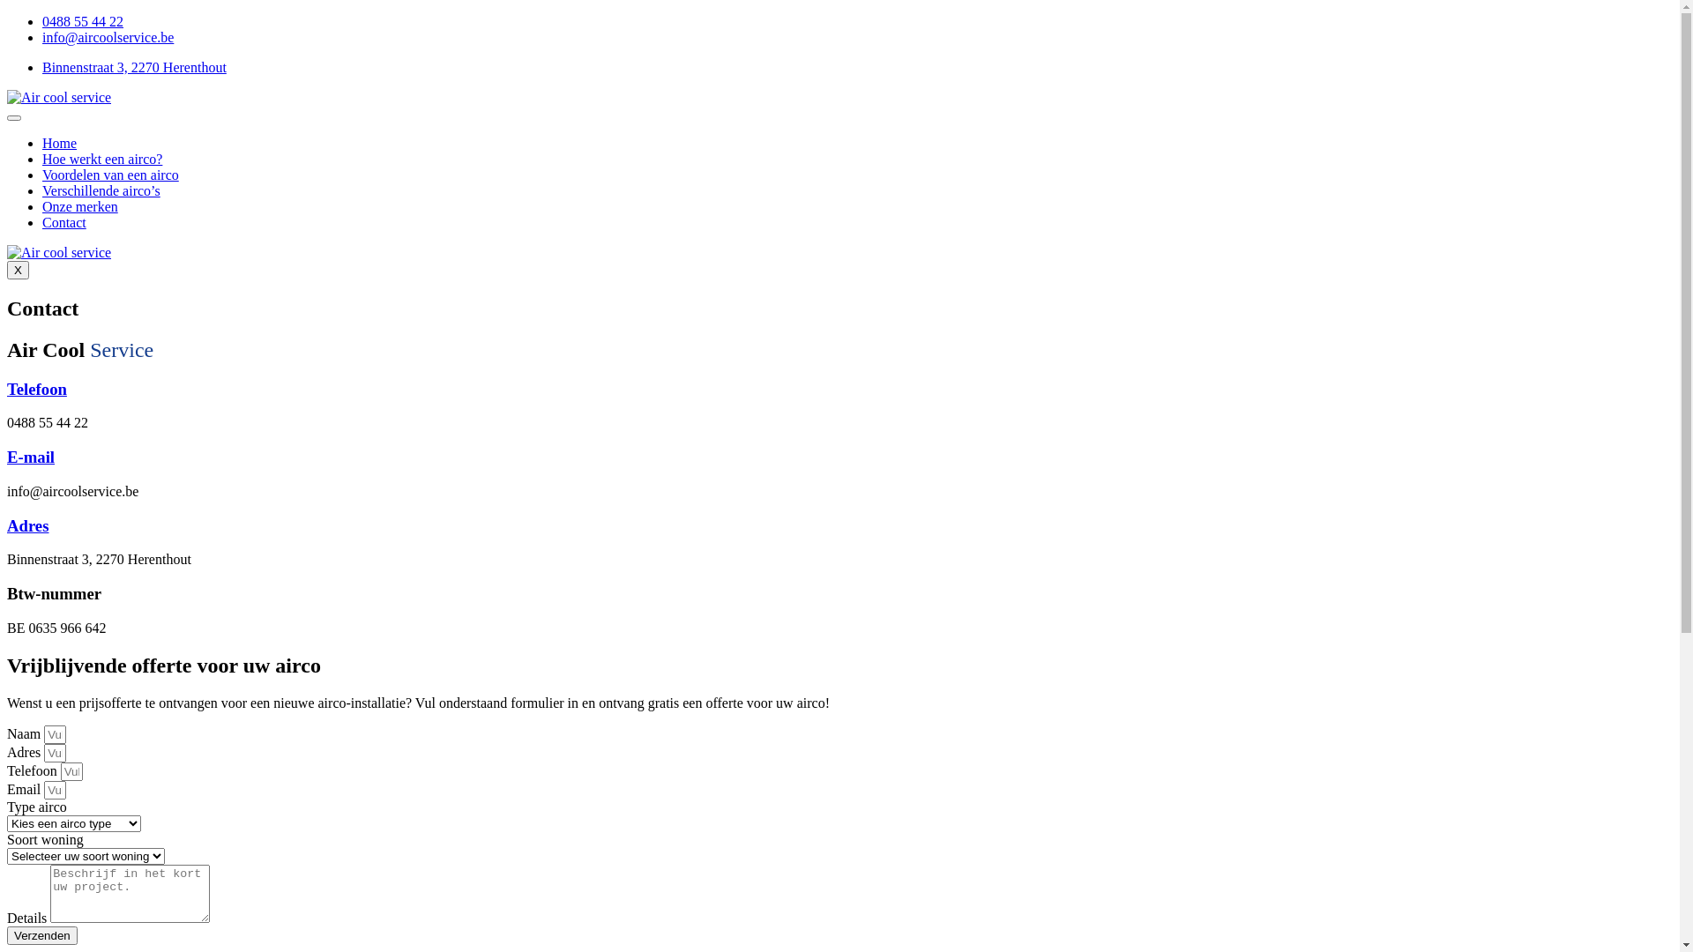 Image resolution: width=1693 pixels, height=952 pixels. I want to click on '0488 55 44 22', so click(82, 21).